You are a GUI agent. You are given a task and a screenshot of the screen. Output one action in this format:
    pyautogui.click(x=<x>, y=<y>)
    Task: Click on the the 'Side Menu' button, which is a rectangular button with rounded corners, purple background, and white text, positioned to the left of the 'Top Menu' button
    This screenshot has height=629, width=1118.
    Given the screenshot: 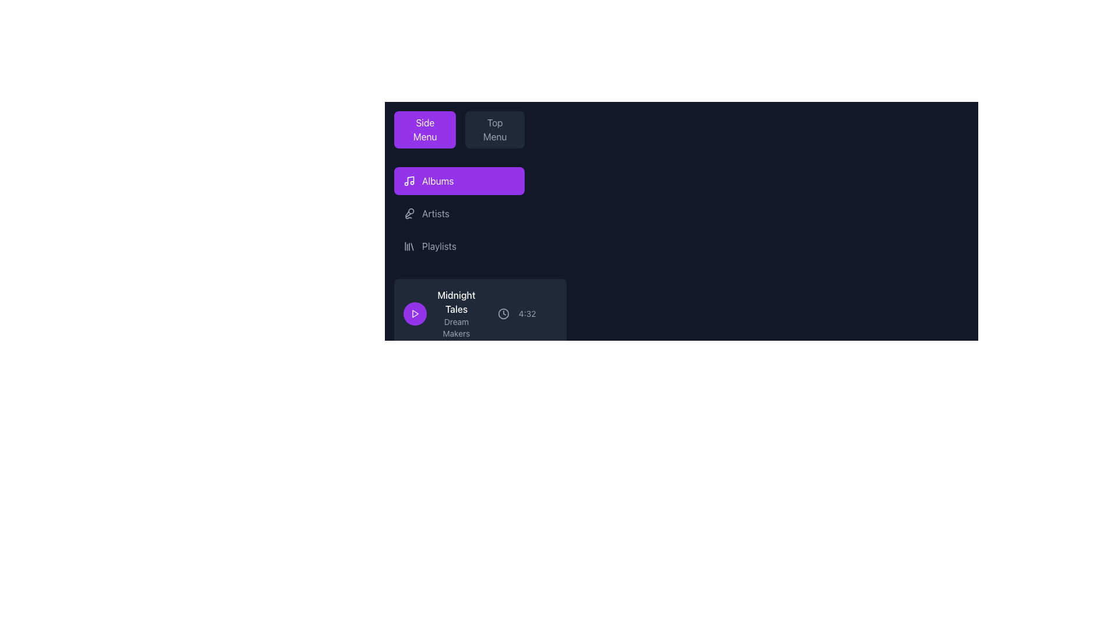 What is the action you would take?
    pyautogui.click(x=424, y=130)
    